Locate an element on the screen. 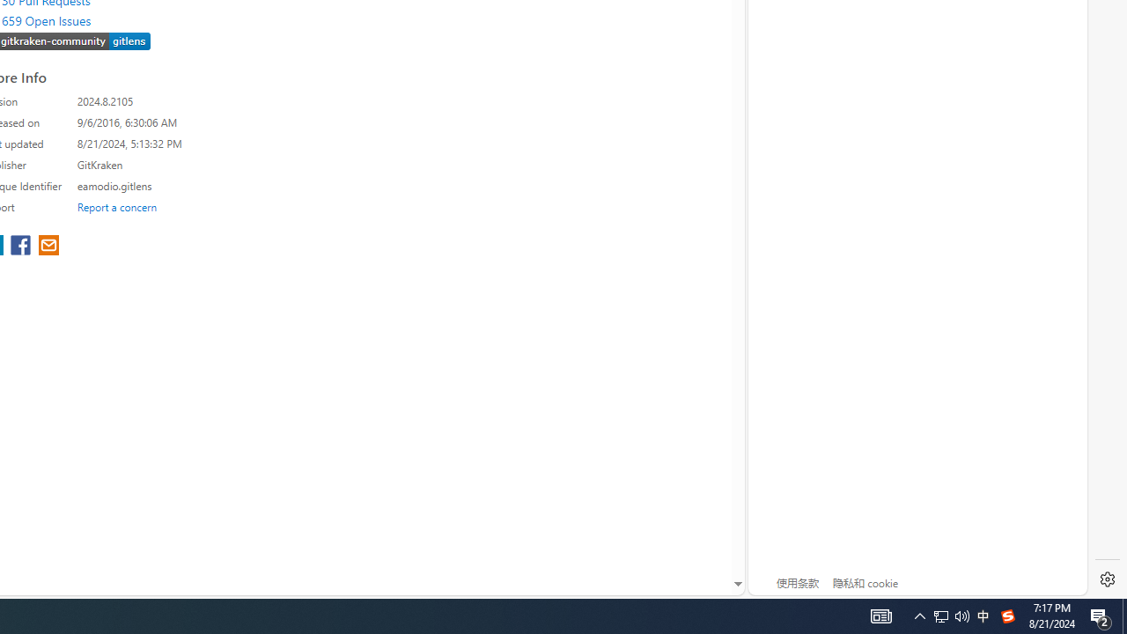  'AutomationID: 4105' is located at coordinates (950, 615).